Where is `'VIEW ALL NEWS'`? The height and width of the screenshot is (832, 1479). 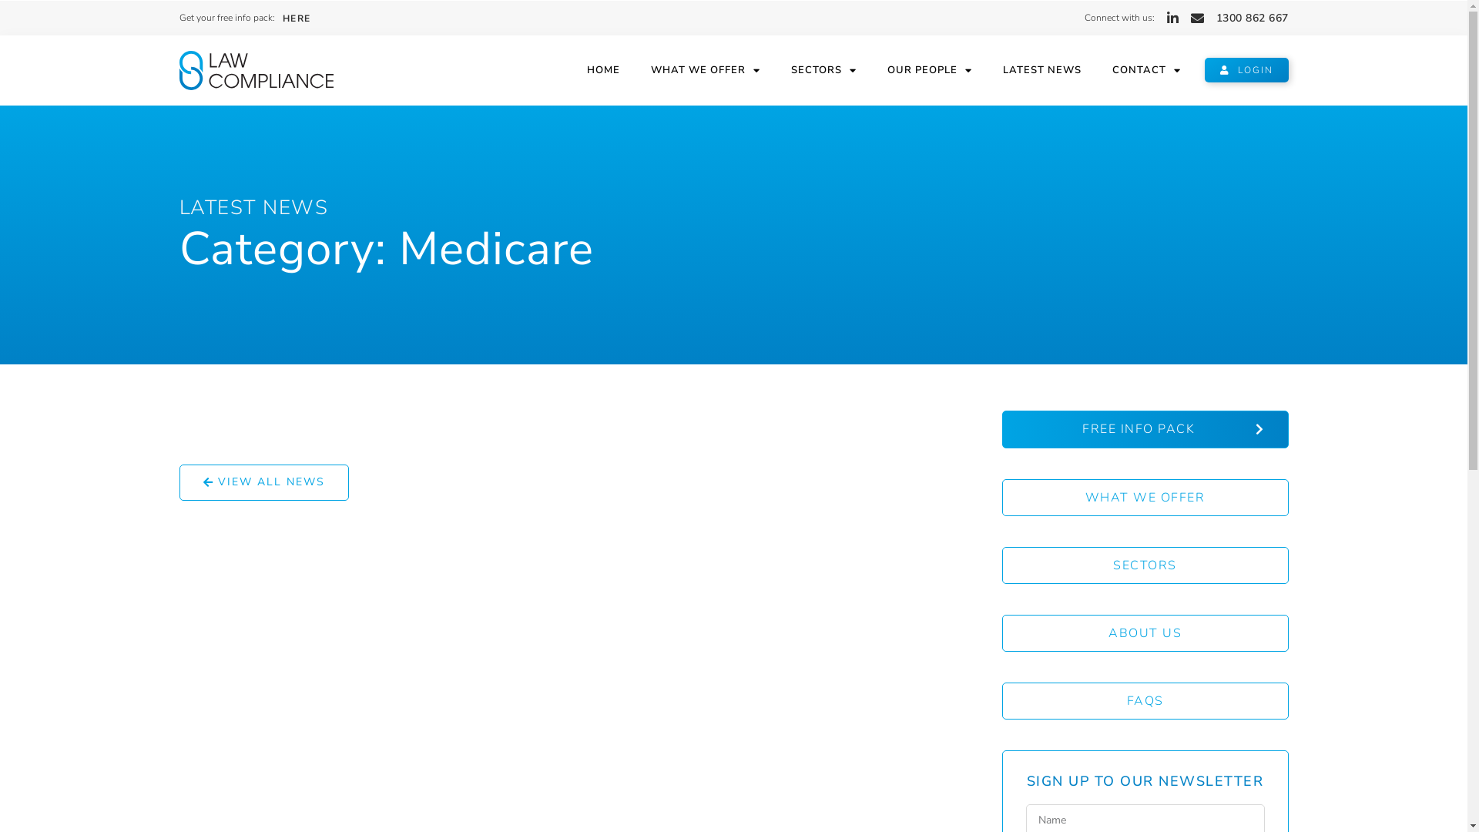
'VIEW ALL NEWS' is located at coordinates (263, 481).